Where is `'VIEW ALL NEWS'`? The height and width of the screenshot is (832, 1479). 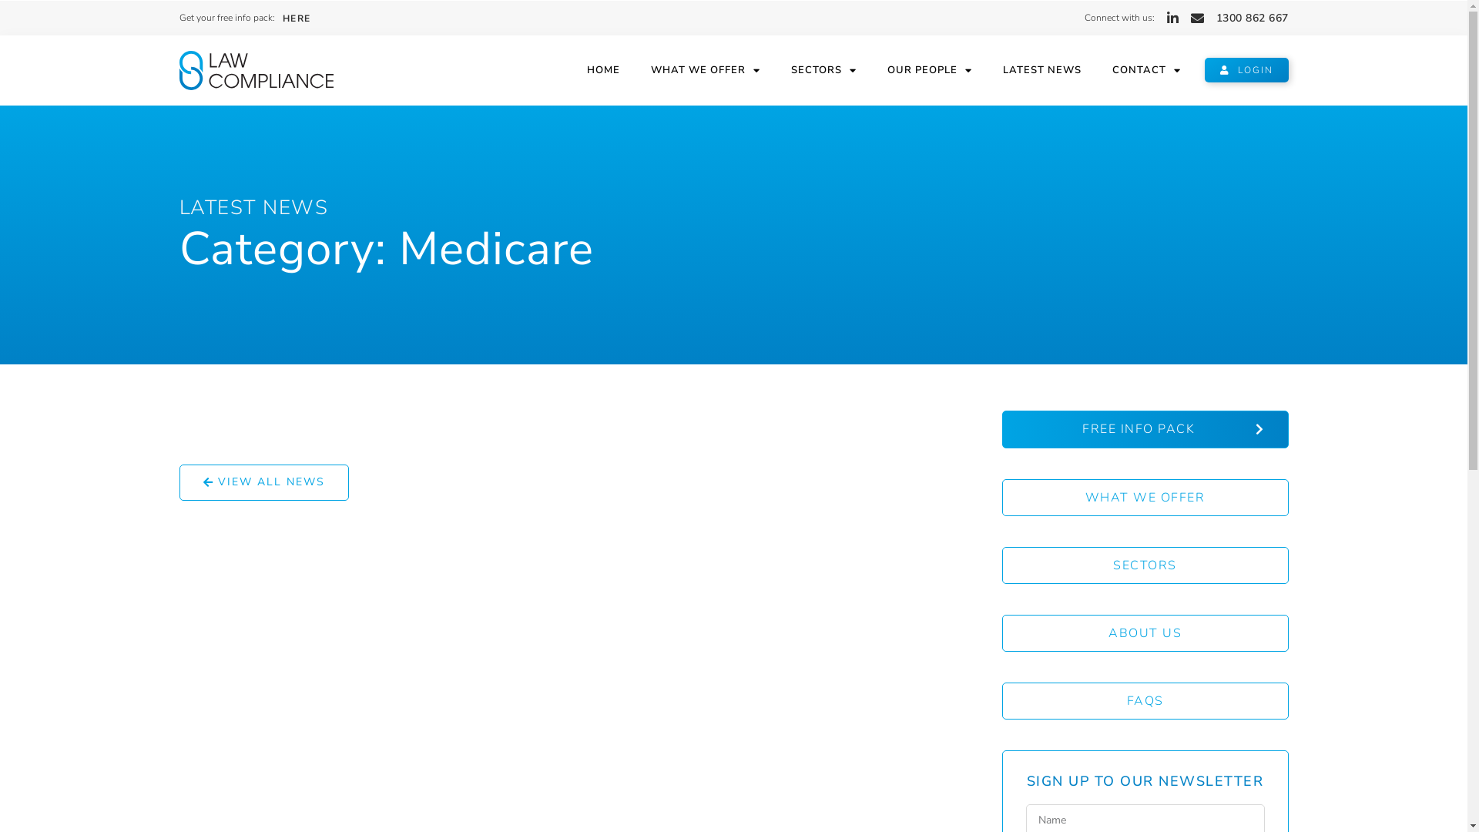
'VIEW ALL NEWS' is located at coordinates (263, 481).